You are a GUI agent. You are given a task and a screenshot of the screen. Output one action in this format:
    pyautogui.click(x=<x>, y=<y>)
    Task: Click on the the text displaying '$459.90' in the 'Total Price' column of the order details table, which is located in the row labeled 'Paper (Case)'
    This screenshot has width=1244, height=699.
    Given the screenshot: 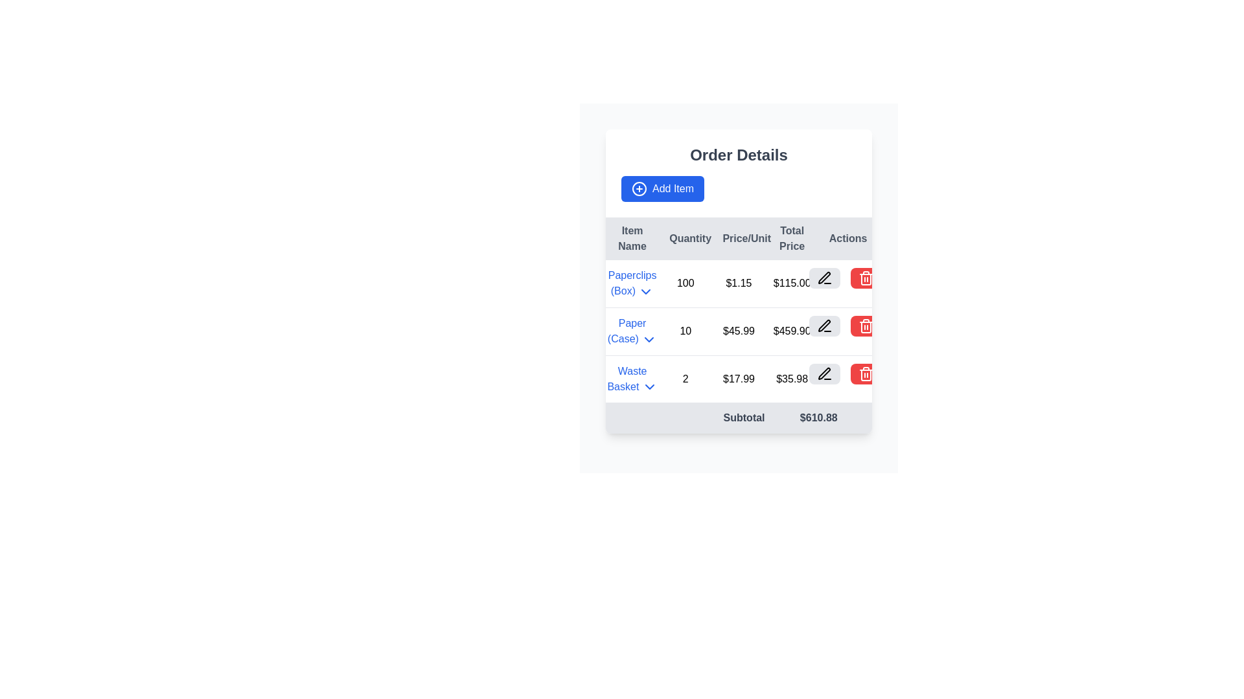 What is the action you would take?
    pyautogui.click(x=791, y=331)
    